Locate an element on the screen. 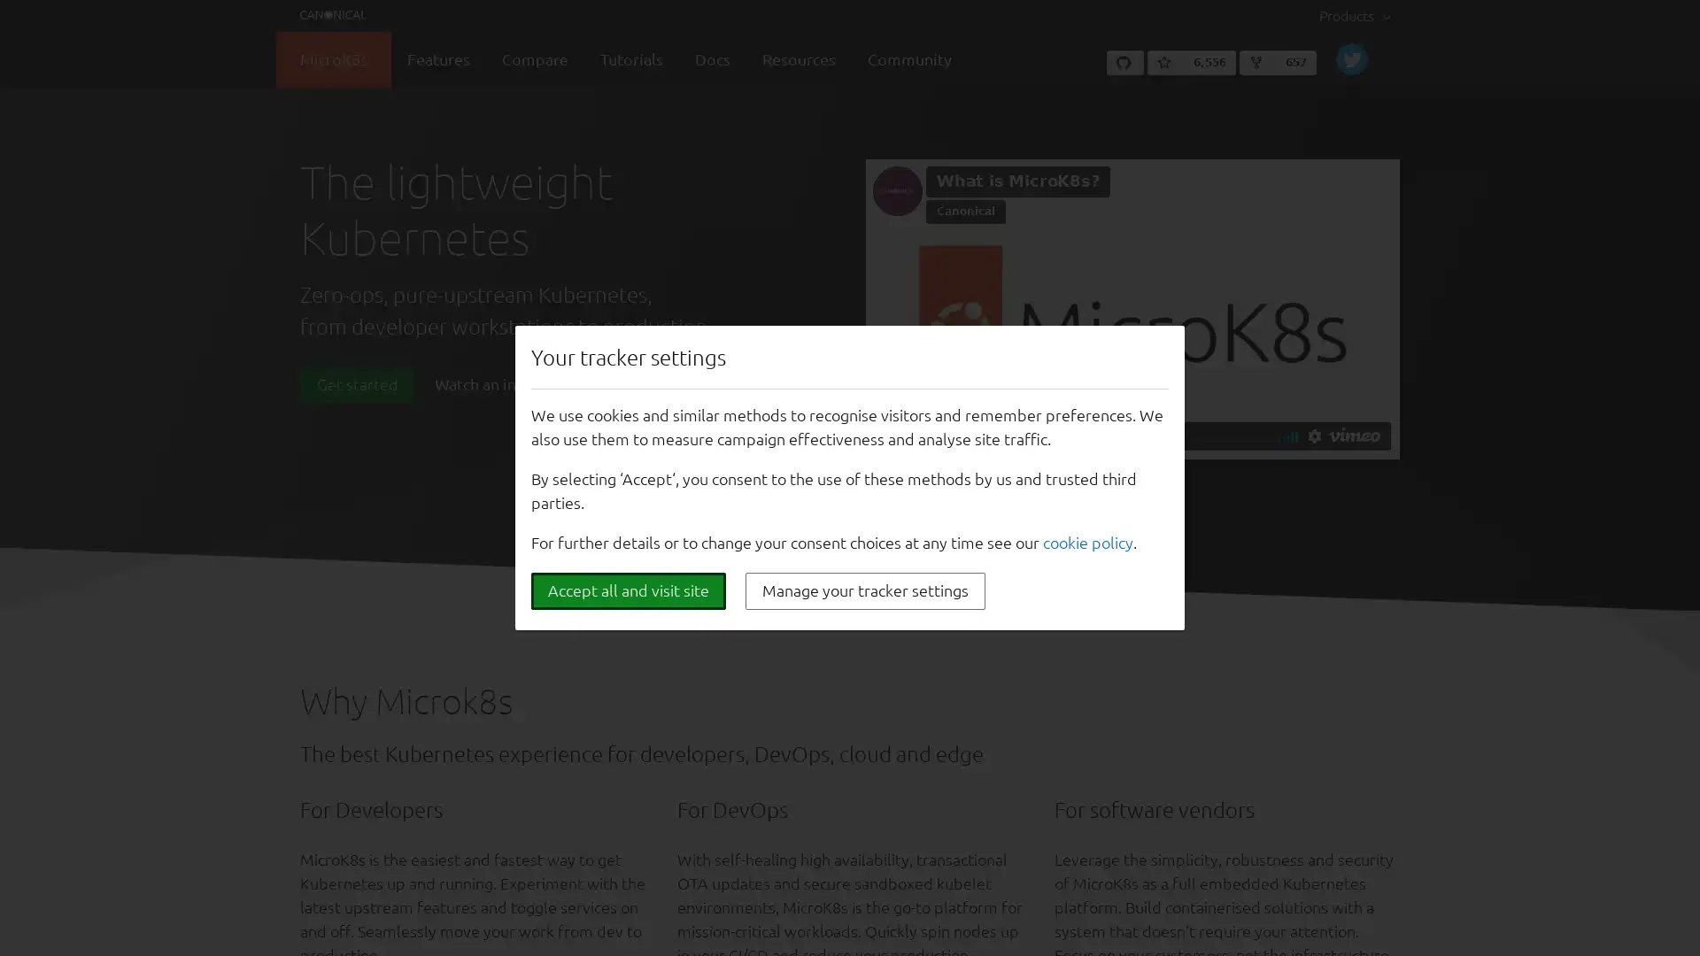  Accept all and visit site is located at coordinates (629, 590).